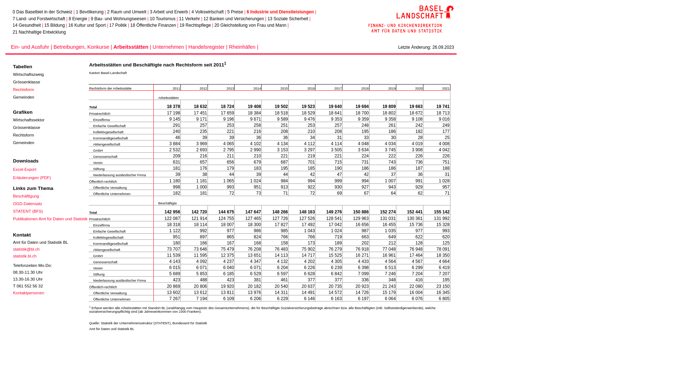 This screenshot has width=693, height=390. Describe the element at coordinates (127, 12) in the screenshot. I see `'2 Raum und Umwelt'` at that location.